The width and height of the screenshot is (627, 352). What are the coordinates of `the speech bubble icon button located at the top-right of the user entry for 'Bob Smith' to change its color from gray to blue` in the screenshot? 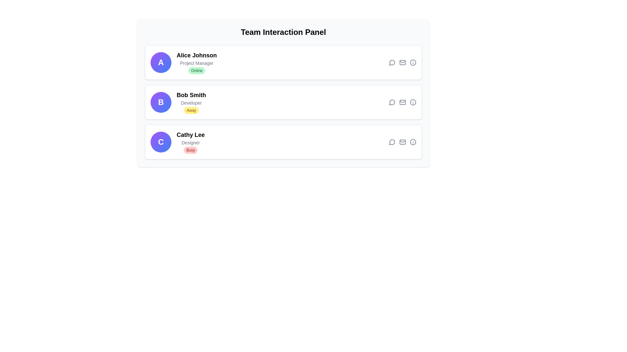 It's located at (392, 102).